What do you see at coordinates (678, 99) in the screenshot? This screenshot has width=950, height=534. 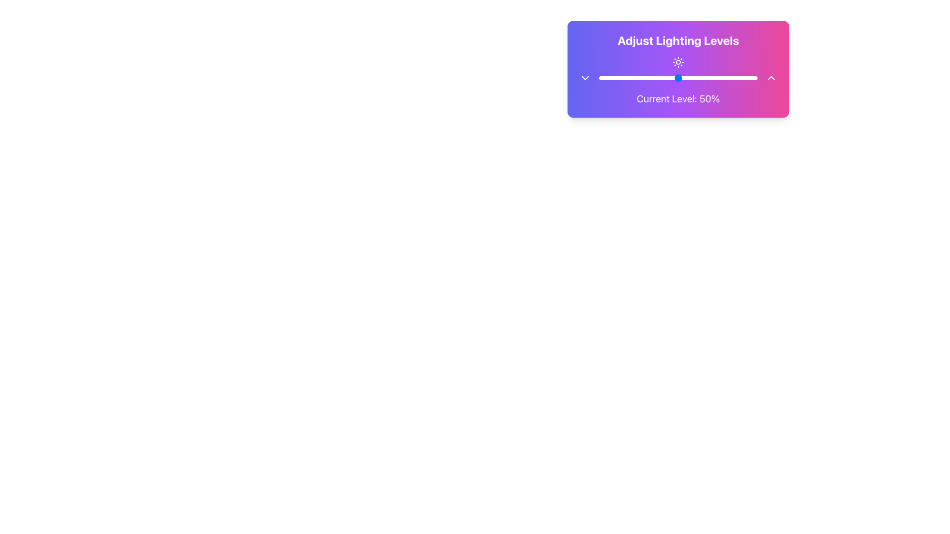 I see `the Text Display that shows 'Current Level: 50%' with white text on a gradient background, located below the lighting adjustment slider` at bounding box center [678, 99].